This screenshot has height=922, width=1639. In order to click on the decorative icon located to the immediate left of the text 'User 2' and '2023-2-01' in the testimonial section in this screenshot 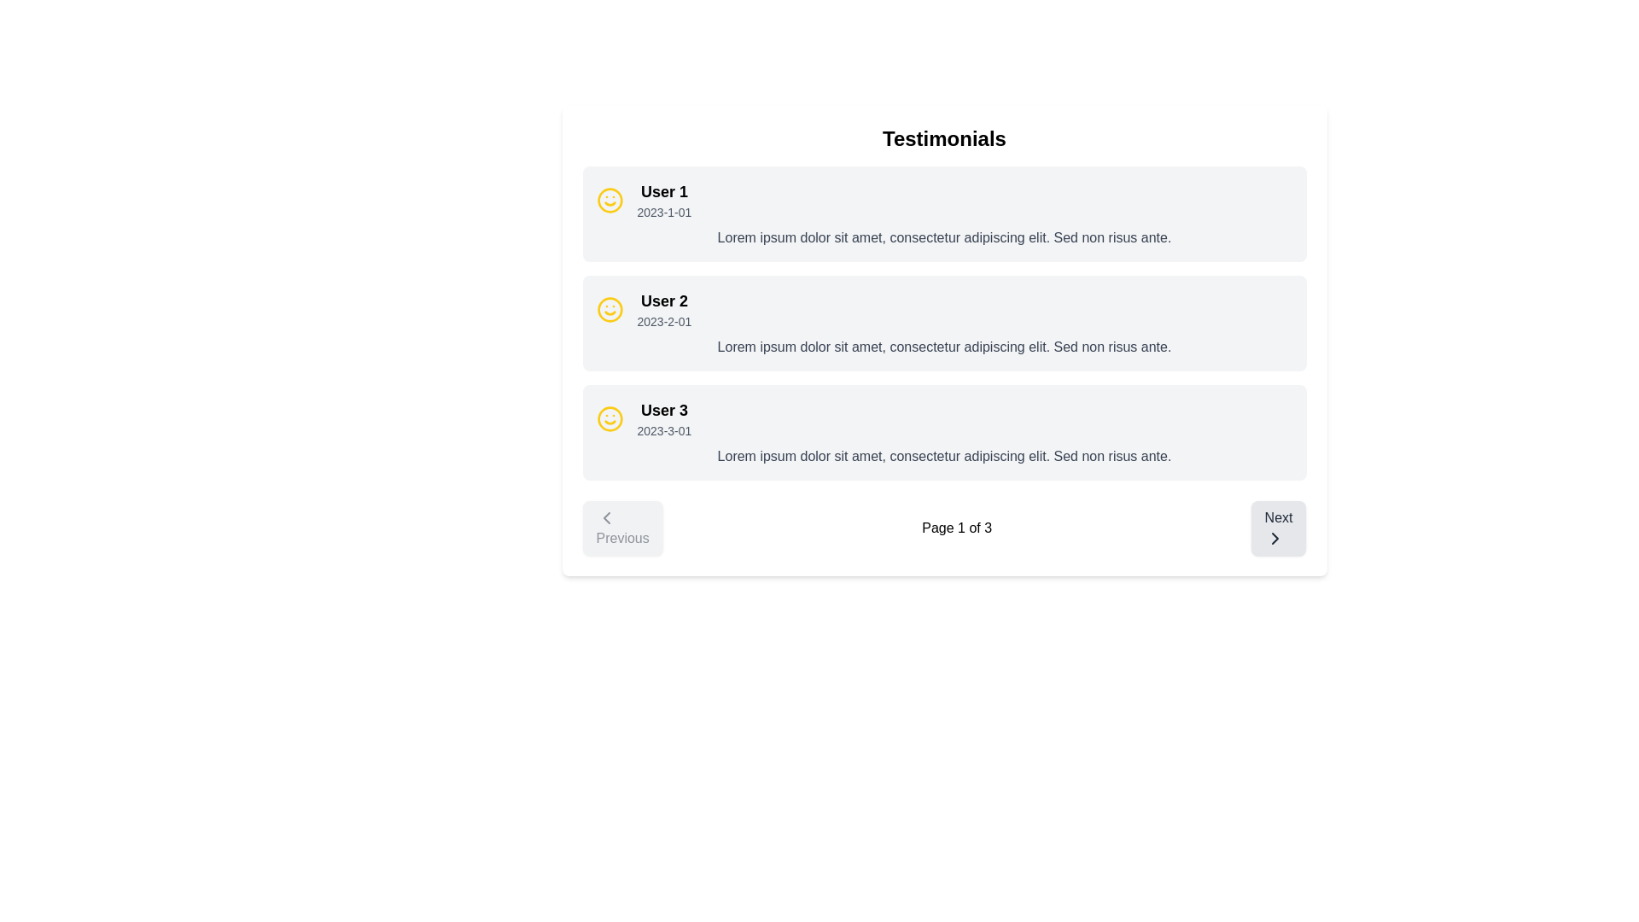, I will do `click(610, 309)`.